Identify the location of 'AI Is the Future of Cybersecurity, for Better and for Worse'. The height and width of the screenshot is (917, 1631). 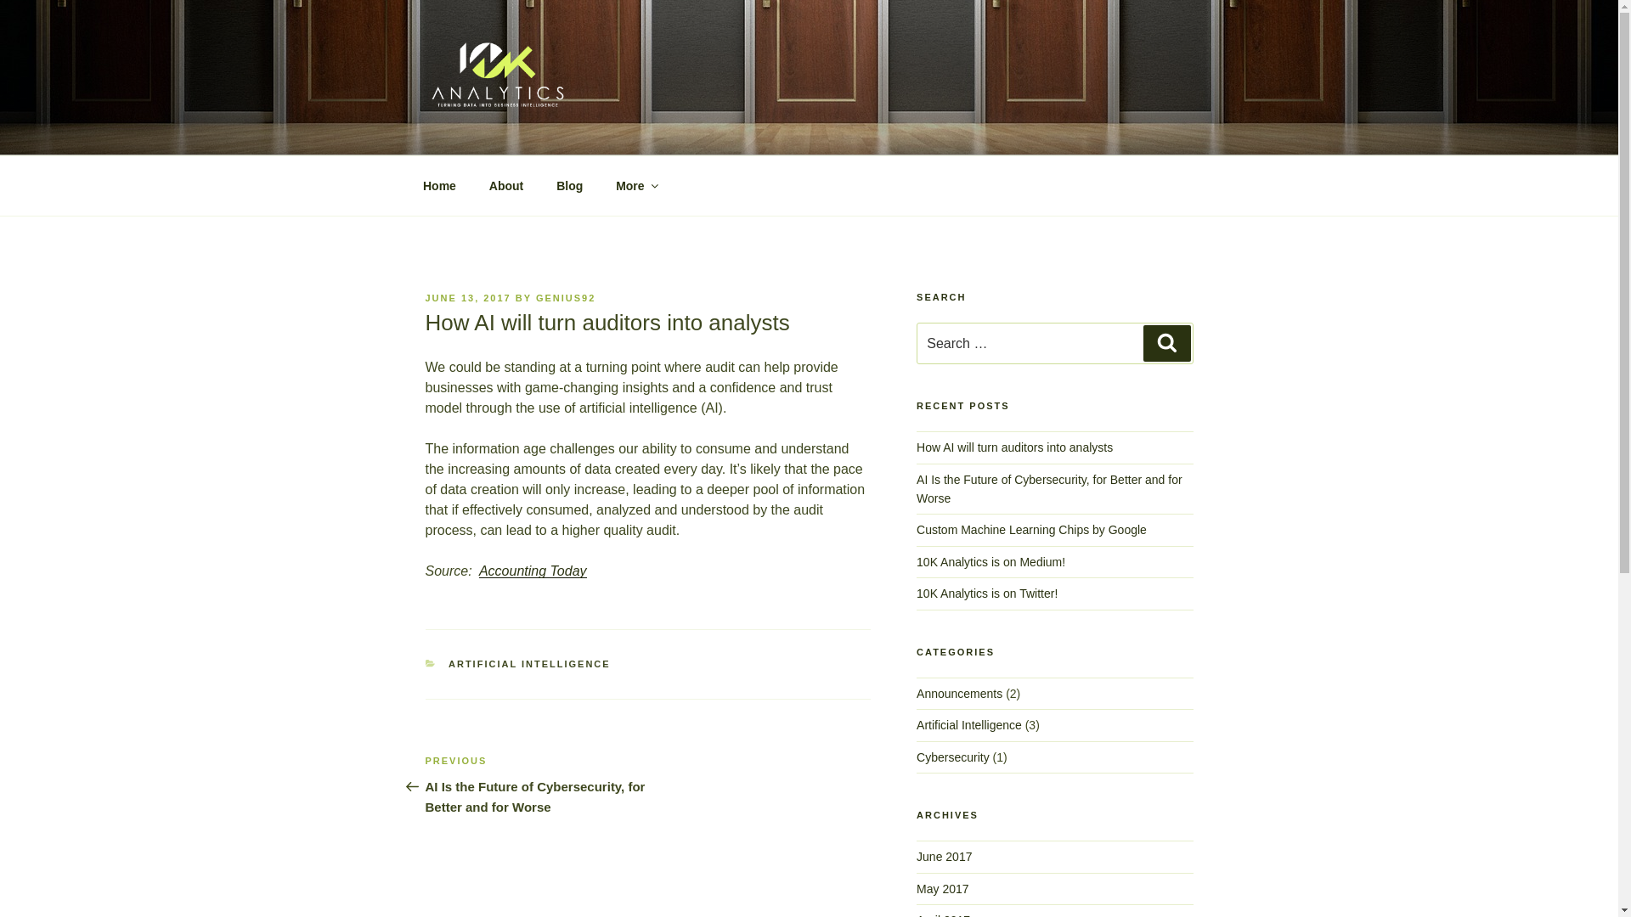
(1048, 488).